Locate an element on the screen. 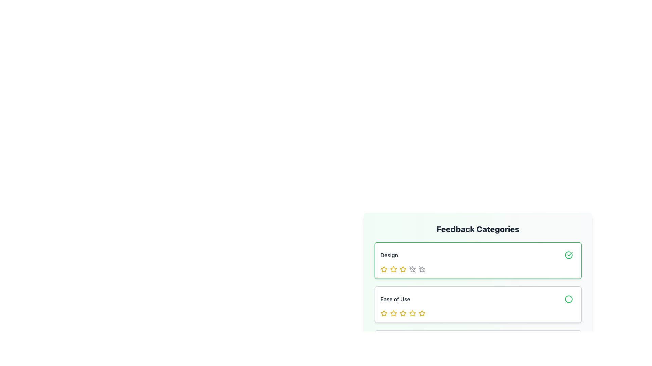 This screenshot has height=366, width=652. the yellow star icon, which is the first star in the rating row under the 'Design' feedback category is located at coordinates (384, 269).